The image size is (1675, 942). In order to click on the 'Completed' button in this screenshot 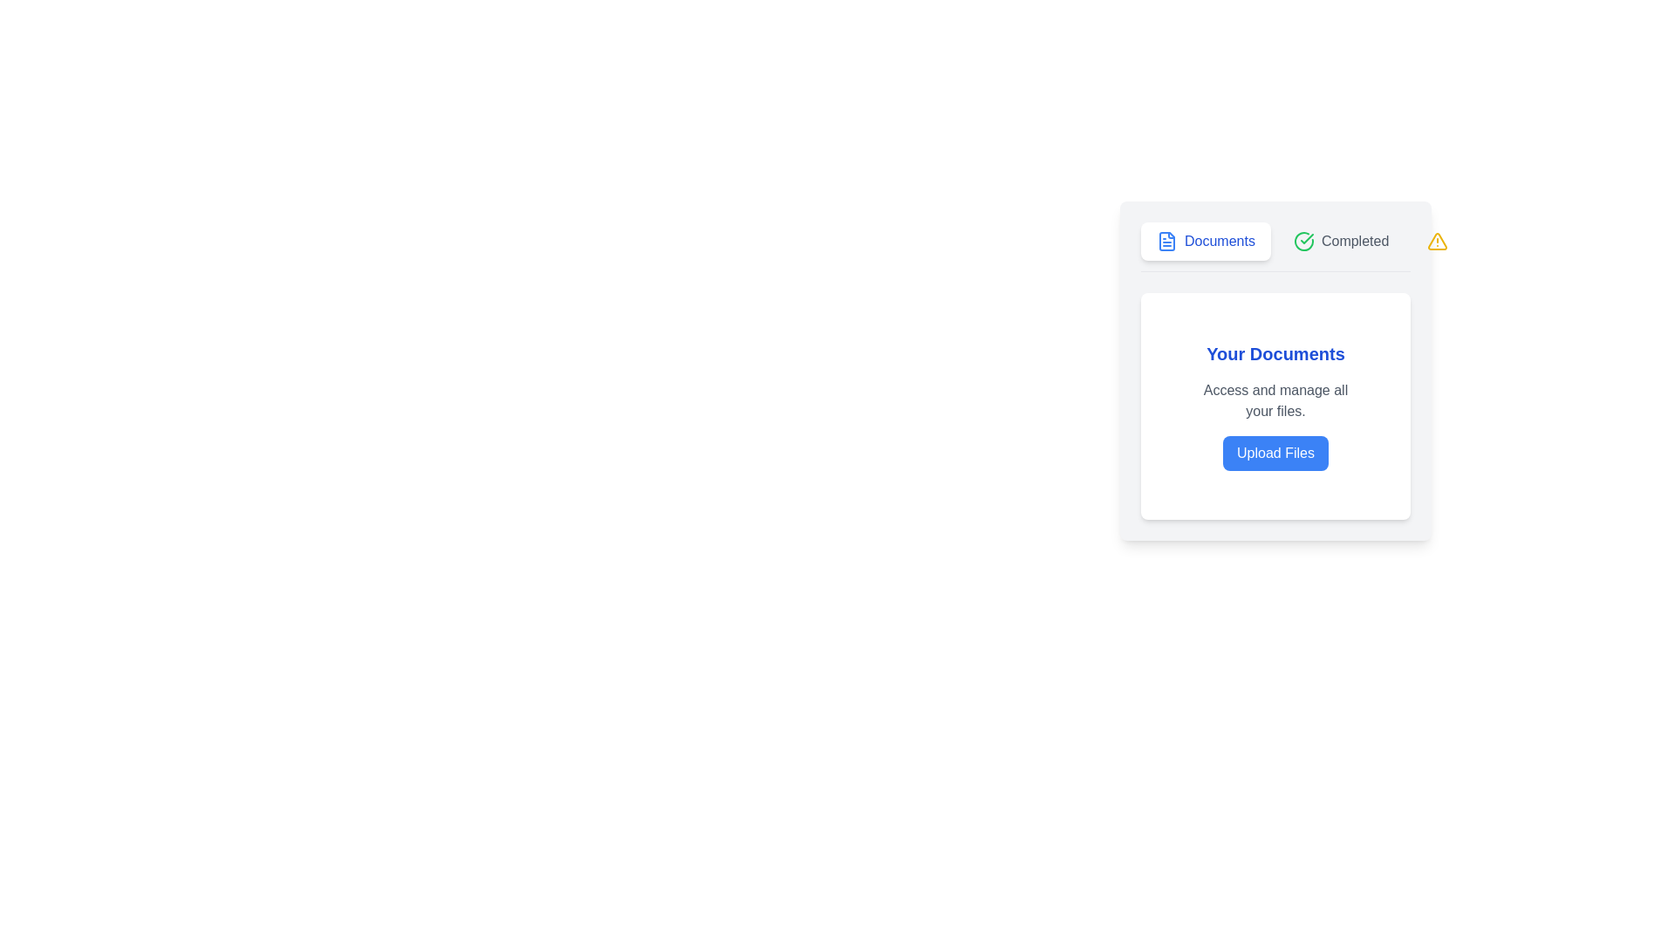, I will do `click(1340, 242)`.